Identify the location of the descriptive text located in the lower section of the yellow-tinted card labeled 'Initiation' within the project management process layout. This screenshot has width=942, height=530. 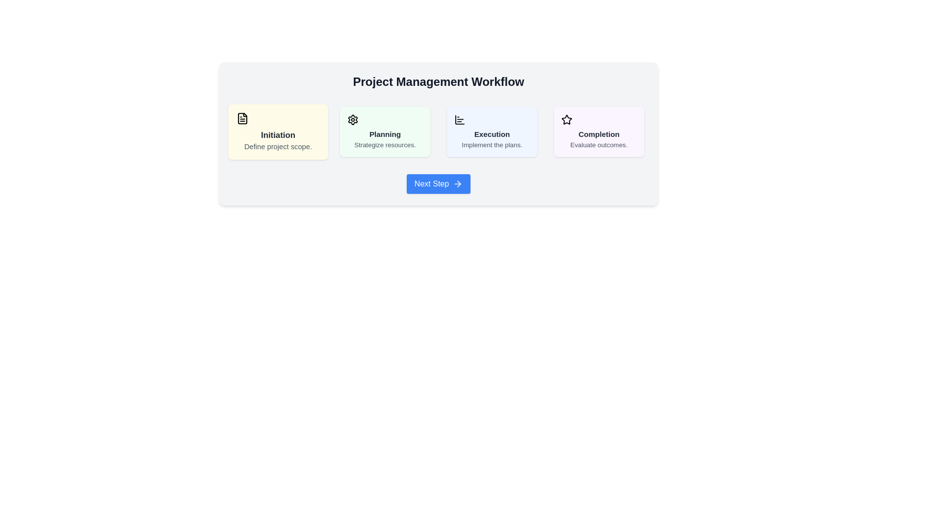
(277, 146).